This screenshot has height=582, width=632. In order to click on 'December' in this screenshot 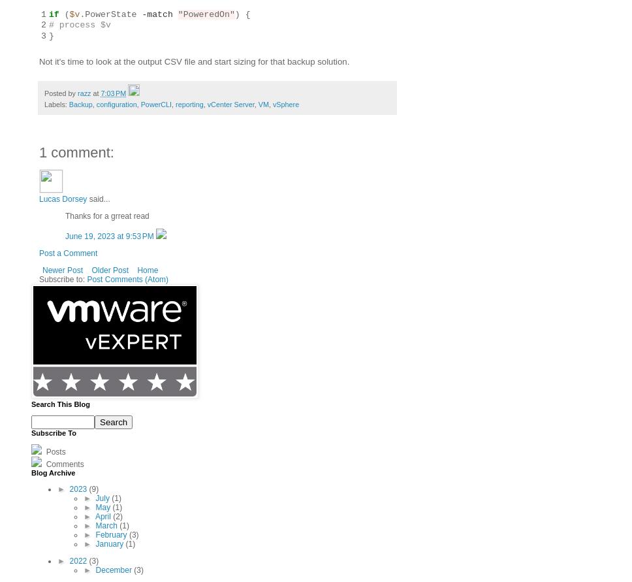, I will do `click(114, 569)`.